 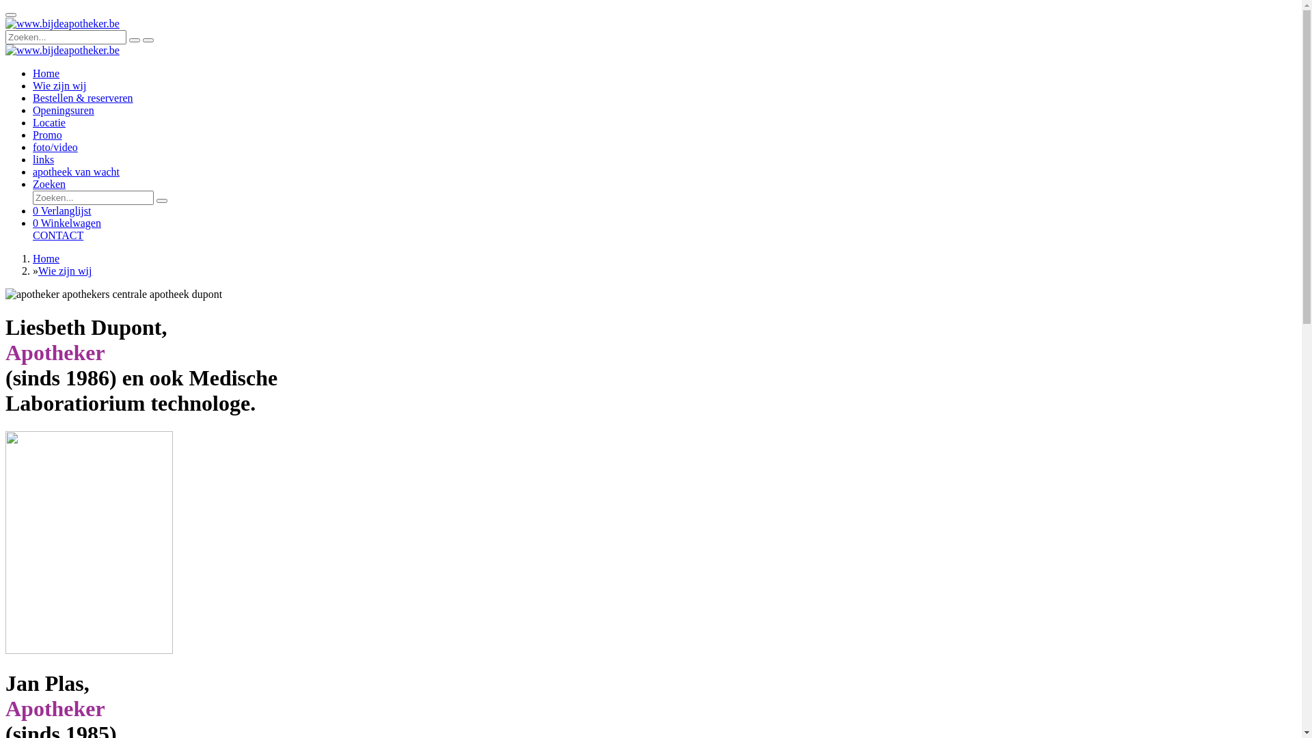 I want to click on 'Home', so click(x=46, y=73).